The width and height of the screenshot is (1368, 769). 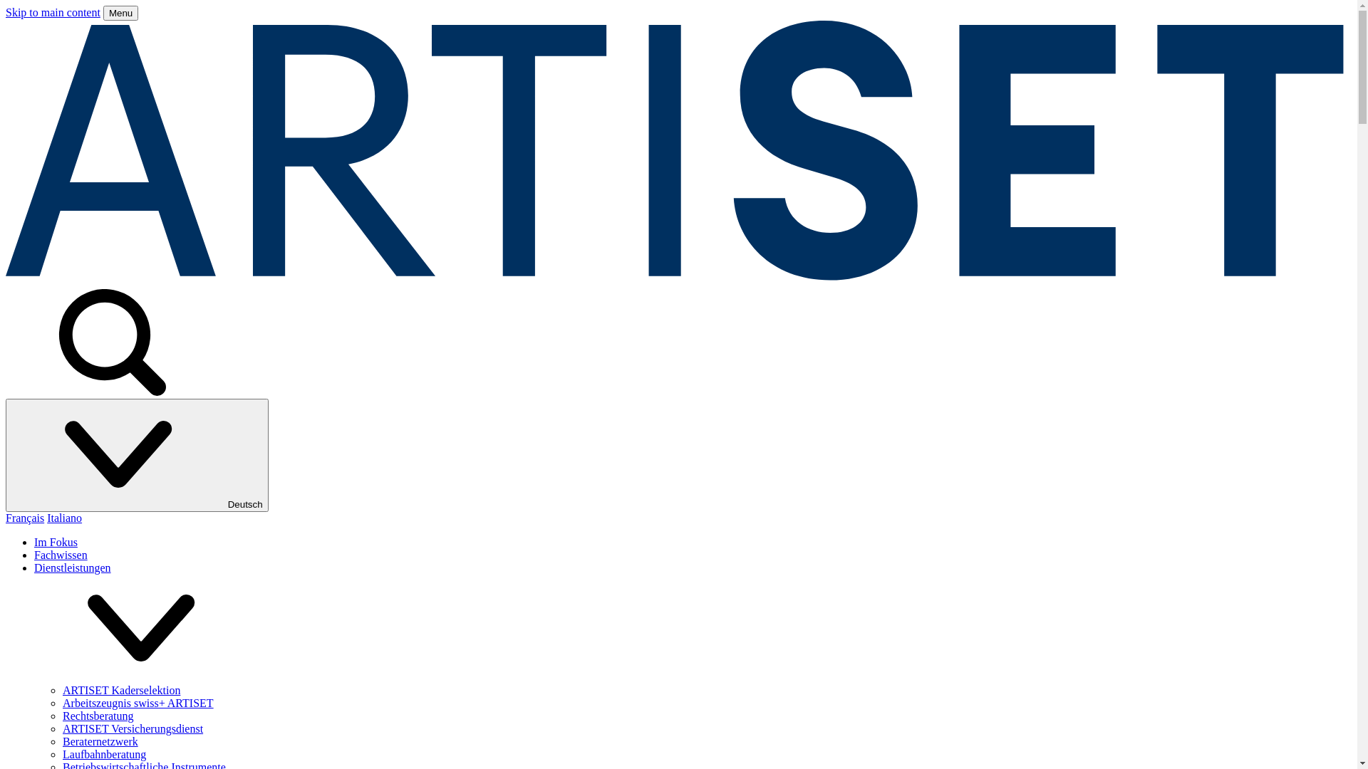 What do you see at coordinates (63, 518) in the screenshot?
I see `'Italiano'` at bounding box center [63, 518].